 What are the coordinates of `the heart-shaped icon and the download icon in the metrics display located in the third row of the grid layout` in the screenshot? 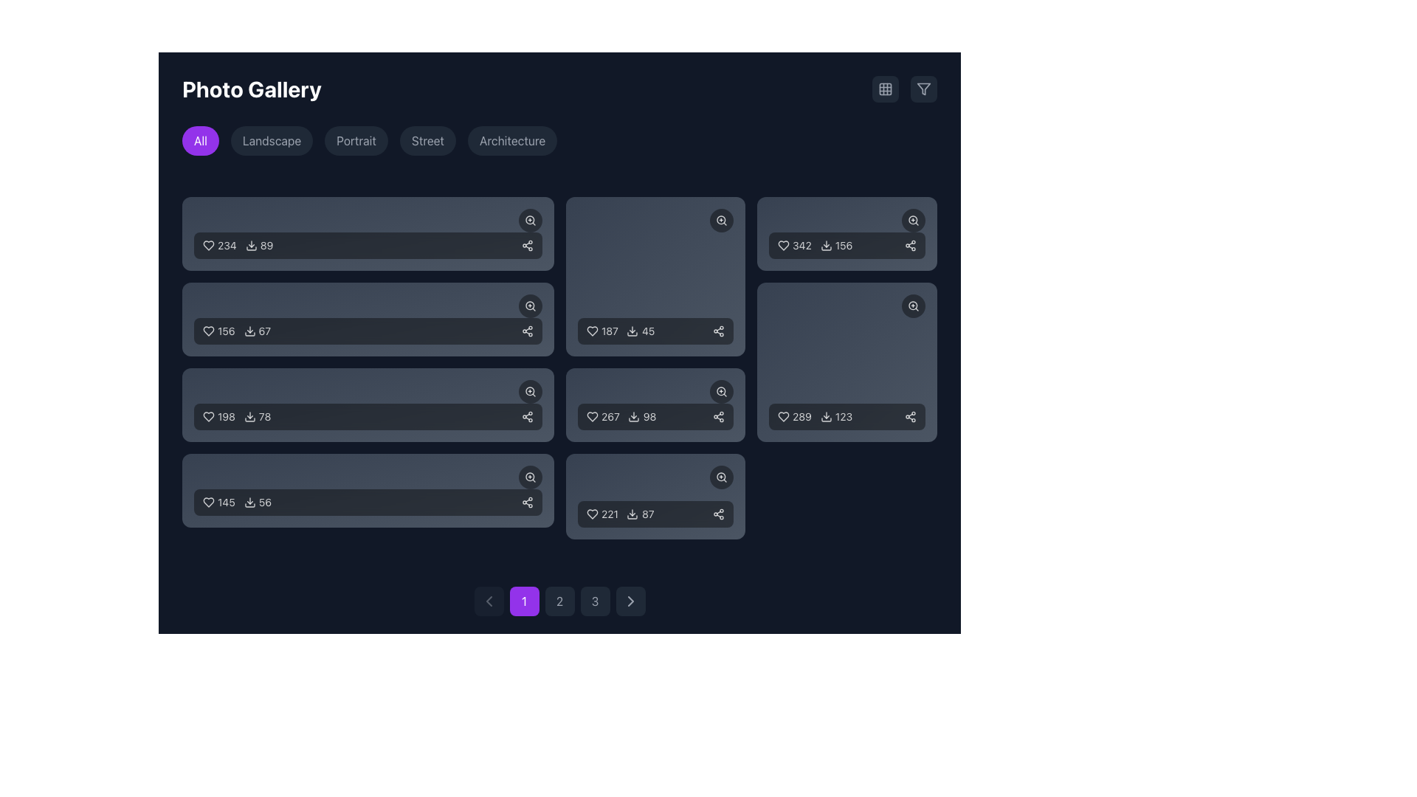 It's located at (237, 416).